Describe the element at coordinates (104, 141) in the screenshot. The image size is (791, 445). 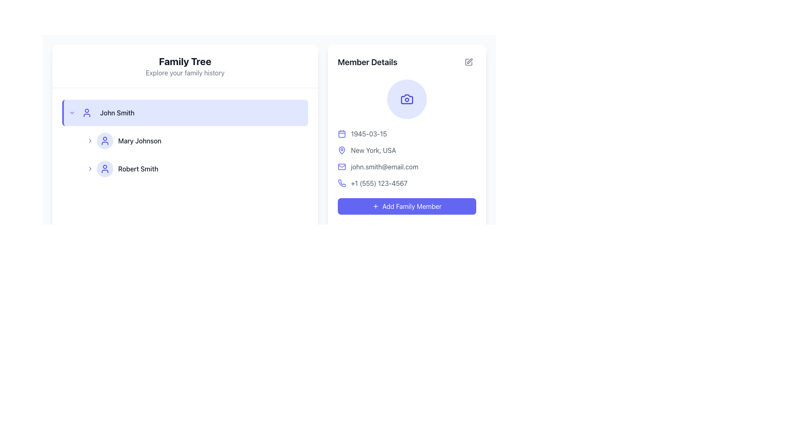
I see `the icon representing the user 'Mary Johnson' in the 'Family Tree' section, located to the left of the text 'Mary Johnson'` at that location.